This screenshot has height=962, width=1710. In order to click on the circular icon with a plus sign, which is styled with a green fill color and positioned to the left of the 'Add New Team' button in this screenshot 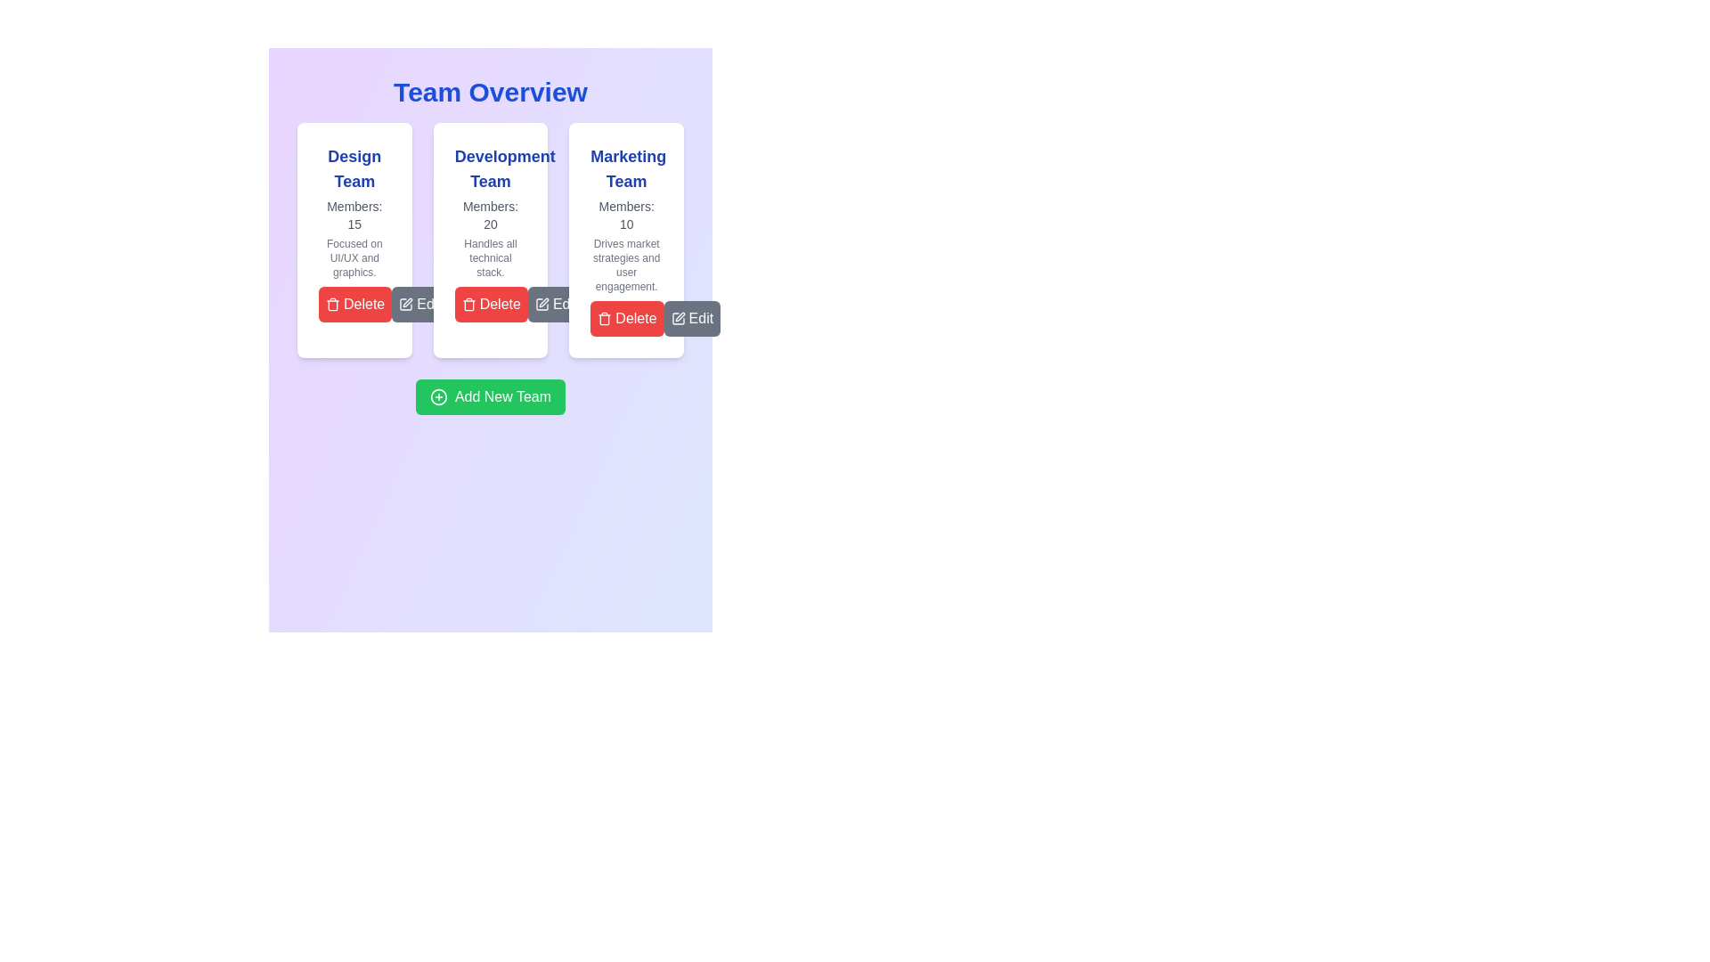, I will do `click(438, 396)`.